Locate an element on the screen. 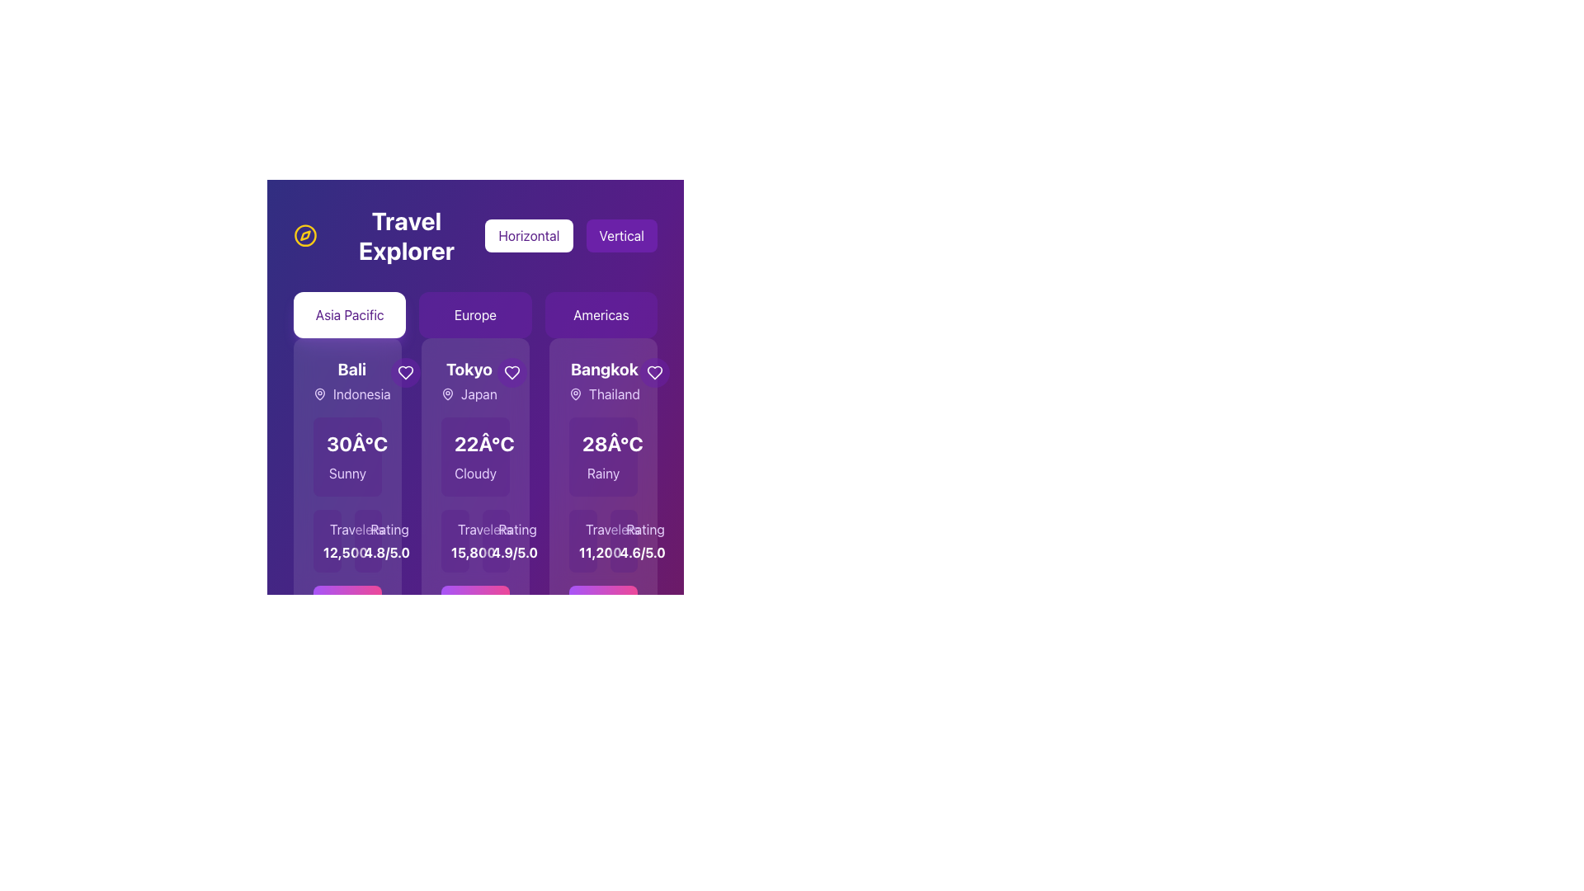 This screenshot has height=891, width=1584. text content of the Text display that shows the number of travelers in the first card of the 'Asia Pacific' section, located below the text 'Travelers' is located at coordinates (327, 540).